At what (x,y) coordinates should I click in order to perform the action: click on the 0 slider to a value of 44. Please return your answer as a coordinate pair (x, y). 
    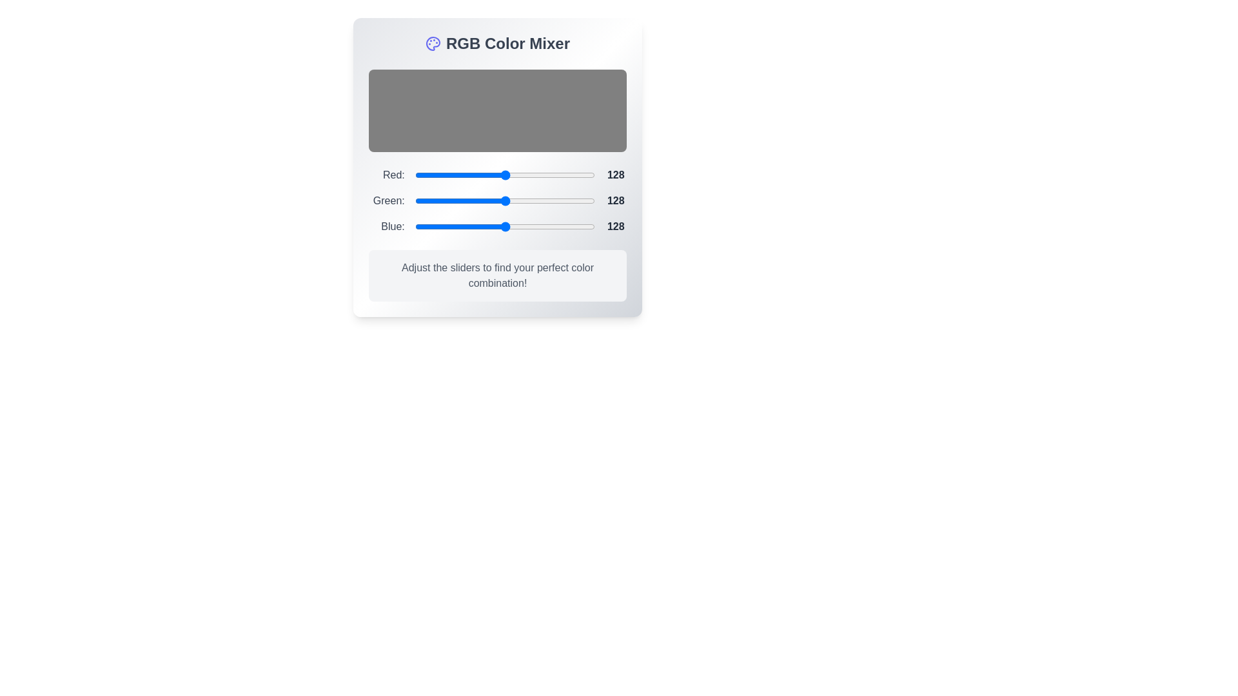
    Looking at the image, I should click on (520, 175).